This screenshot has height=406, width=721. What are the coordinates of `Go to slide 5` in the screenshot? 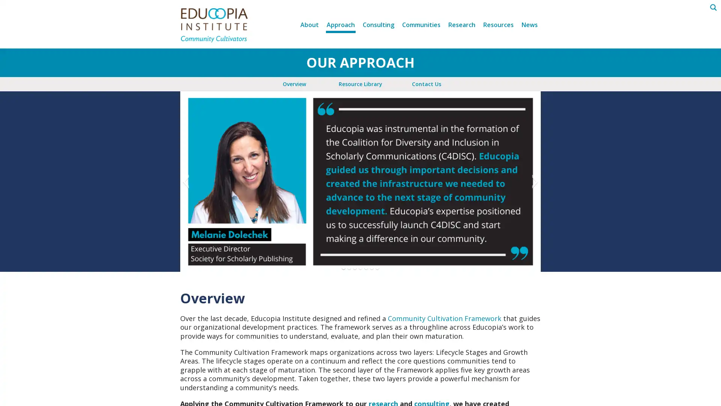 It's located at (366, 267).